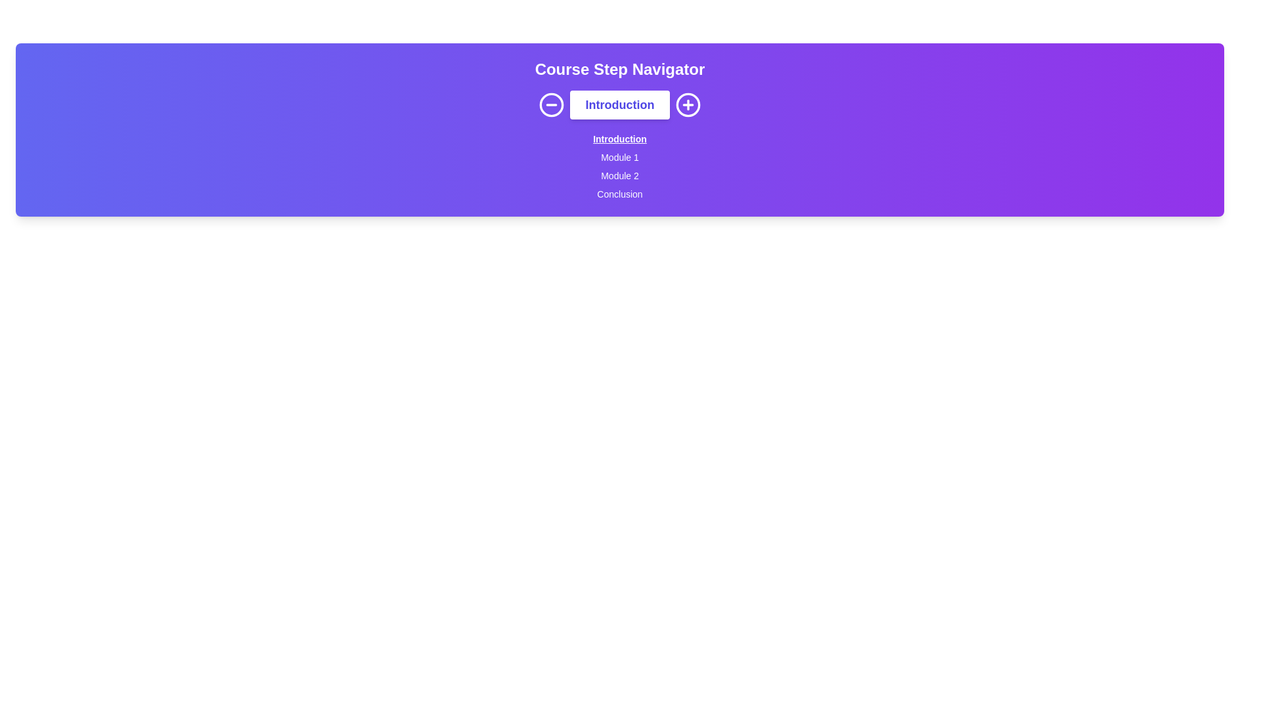  What do you see at coordinates (619, 192) in the screenshot?
I see `the 'Conclusion' text label, which is the last item in the navigation structure, positioned below 'Module 2'` at bounding box center [619, 192].